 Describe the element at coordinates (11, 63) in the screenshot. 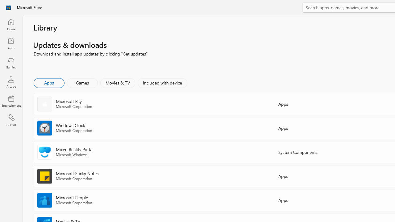

I see `'Gaming'` at that location.